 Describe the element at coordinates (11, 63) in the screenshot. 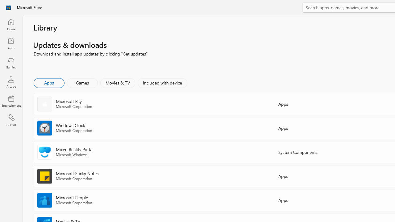

I see `'Gaming'` at that location.